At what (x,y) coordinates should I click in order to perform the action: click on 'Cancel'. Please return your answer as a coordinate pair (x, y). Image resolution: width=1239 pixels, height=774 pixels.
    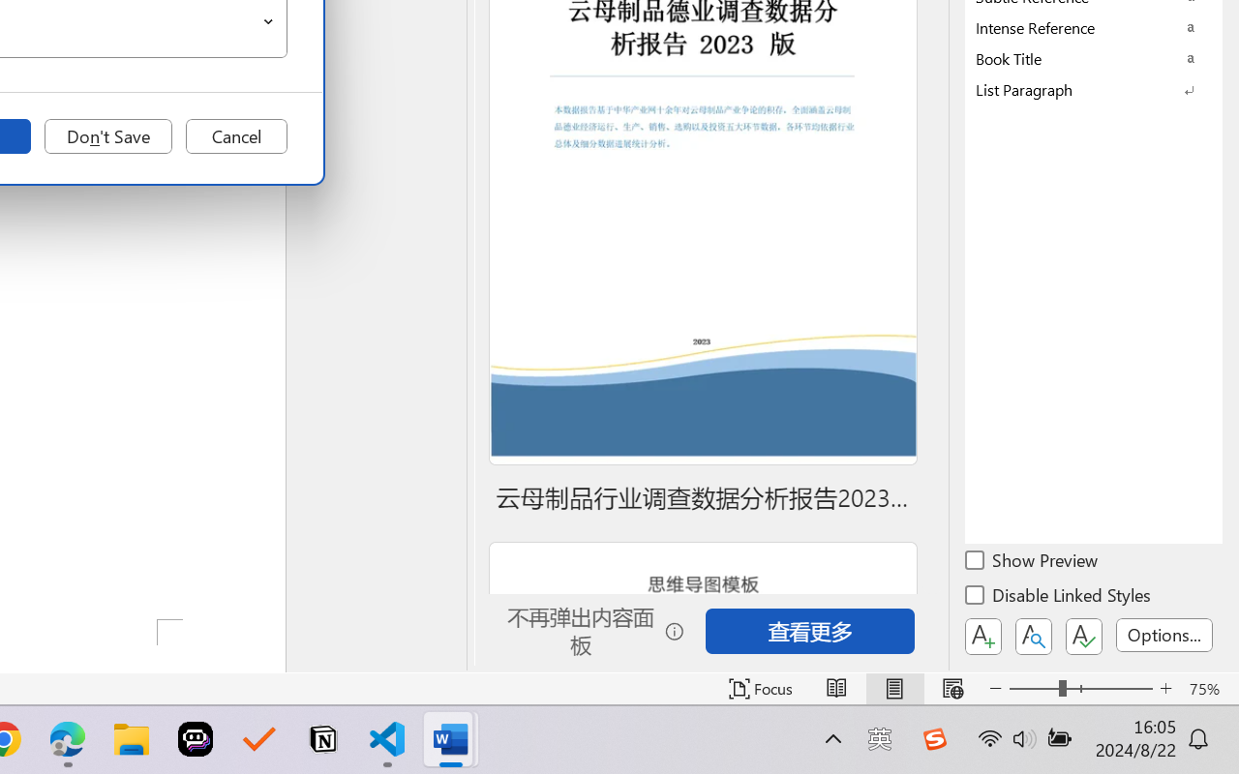
    Looking at the image, I should click on (235, 136).